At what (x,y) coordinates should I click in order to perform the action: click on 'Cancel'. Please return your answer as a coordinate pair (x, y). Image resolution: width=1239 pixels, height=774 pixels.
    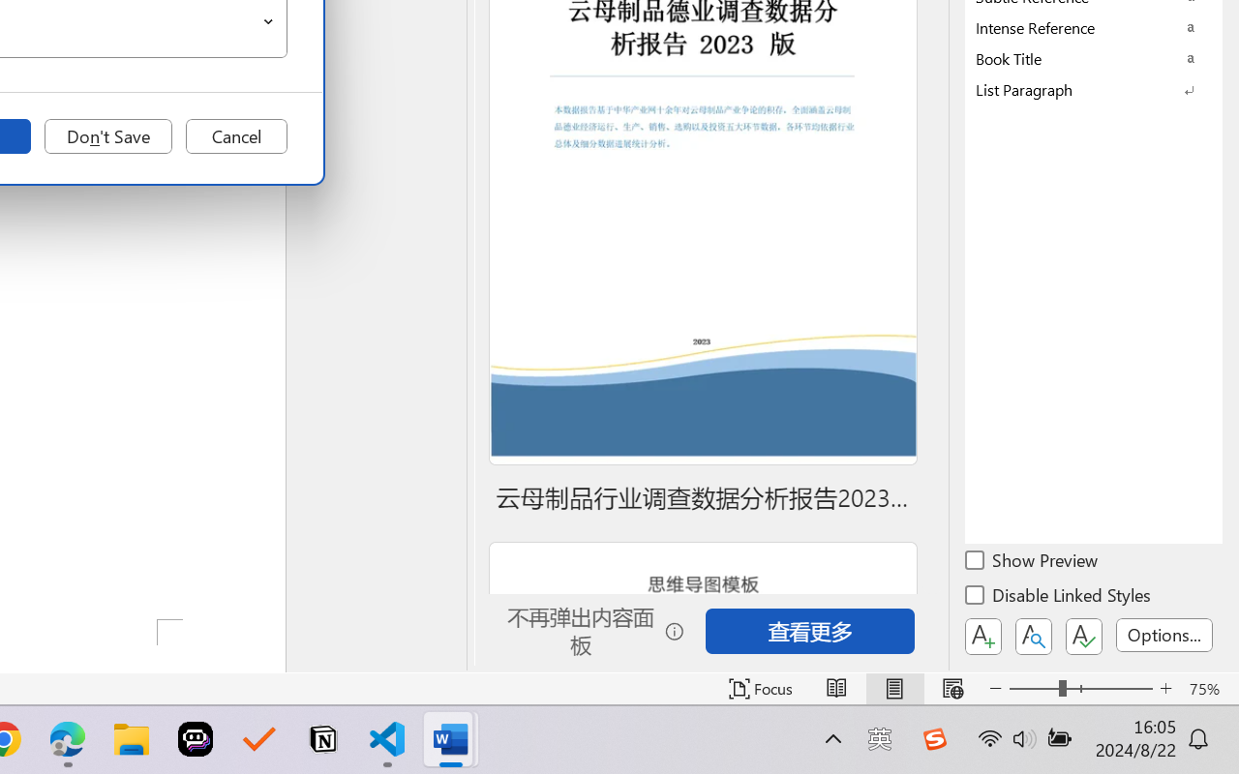
    Looking at the image, I should click on (235, 136).